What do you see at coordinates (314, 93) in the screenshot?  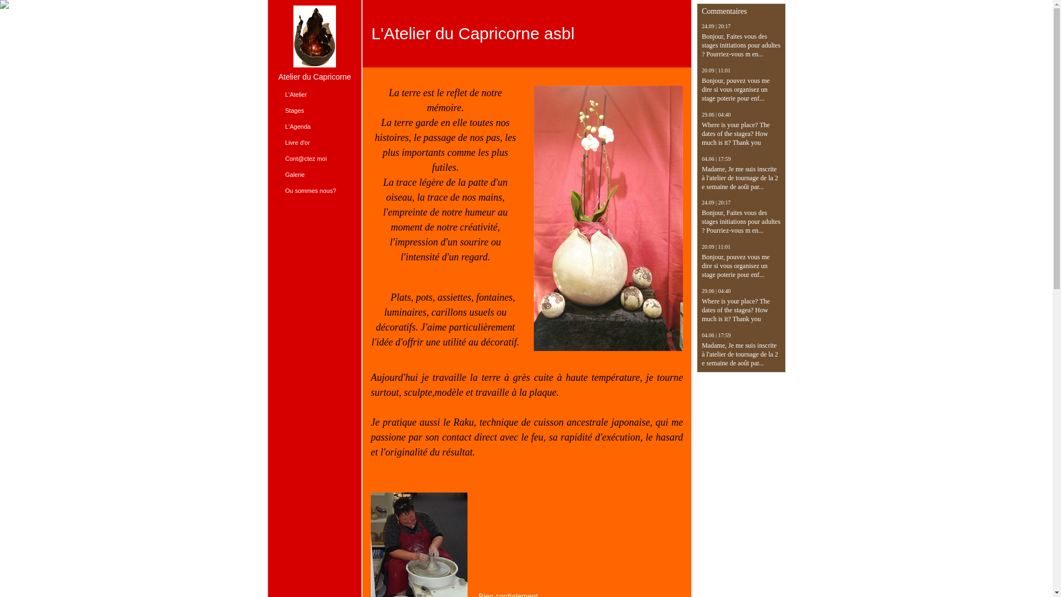 I see `'L'Atelier'` at bounding box center [314, 93].